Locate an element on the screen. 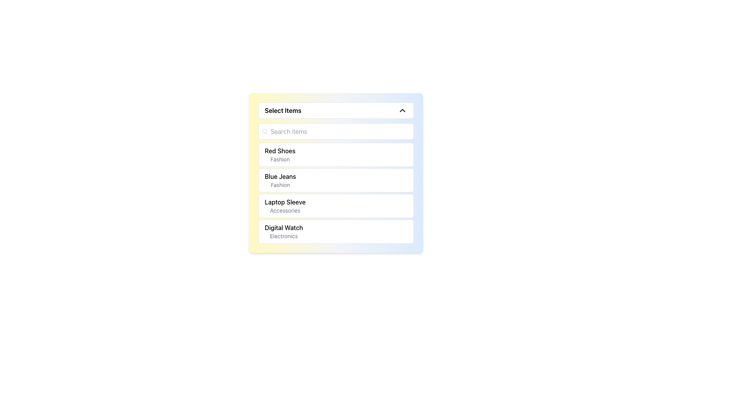 The height and width of the screenshot is (419, 746). the static text label displaying the word 'Fashion', which is positioned directly below the text 'Blue Jeans' in a vertical list structure is located at coordinates (280, 185).